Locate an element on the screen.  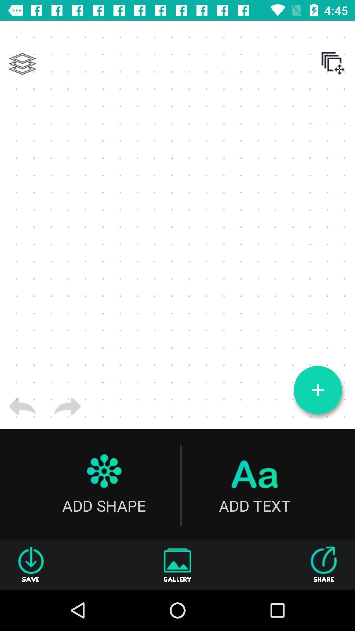
the layers icon is located at coordinates (22, 64).